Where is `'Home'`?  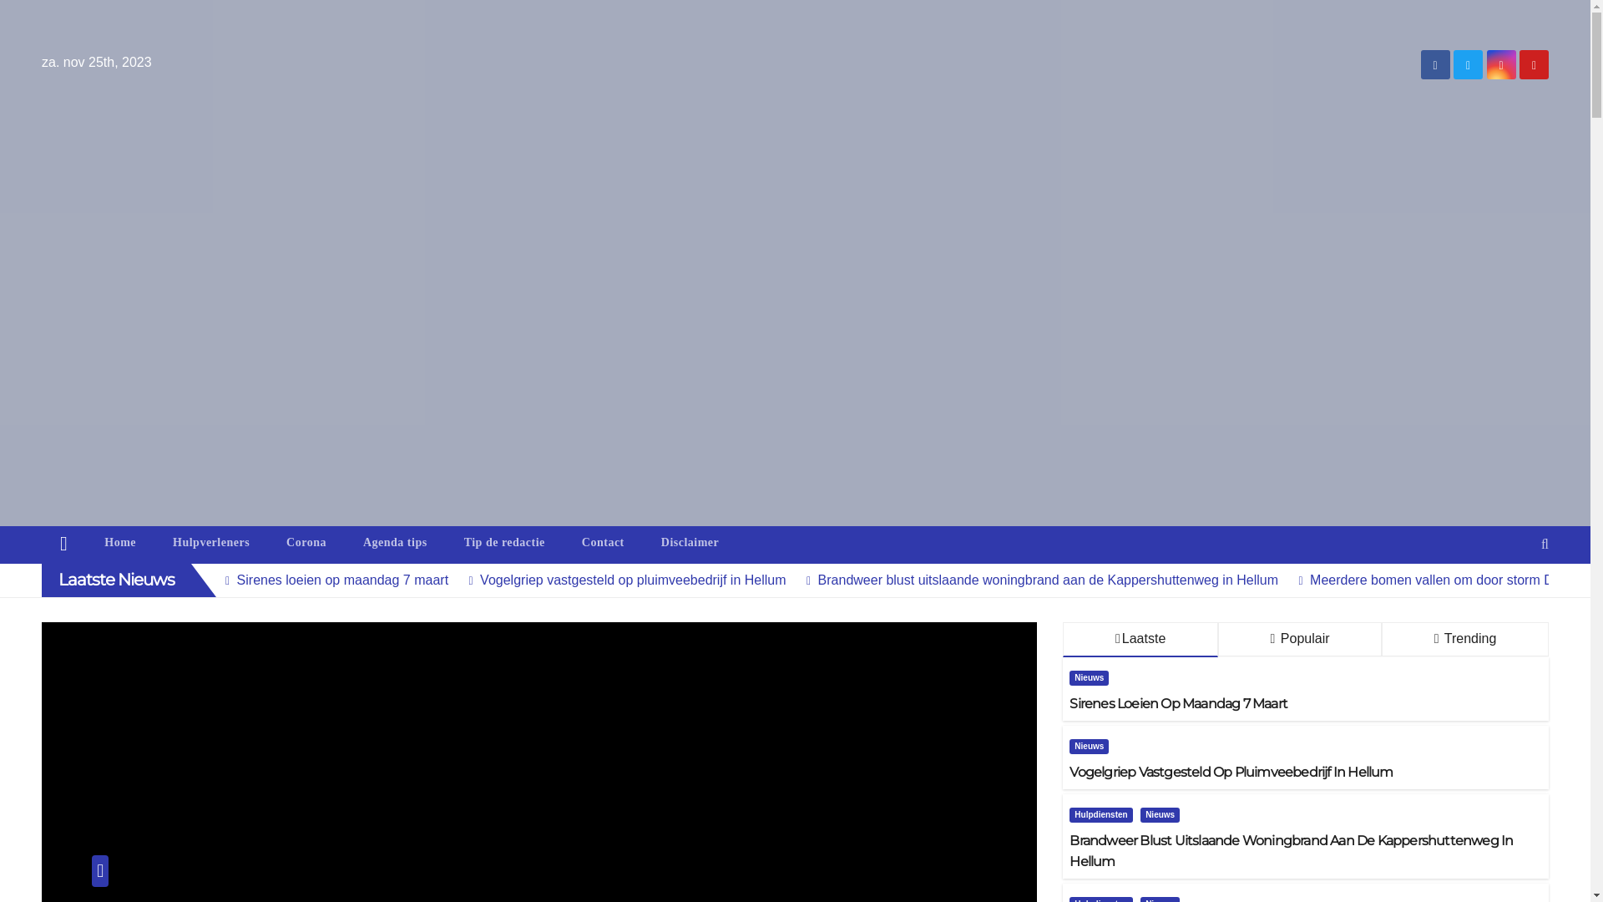
'Home' is located at coordinates (63, 545).